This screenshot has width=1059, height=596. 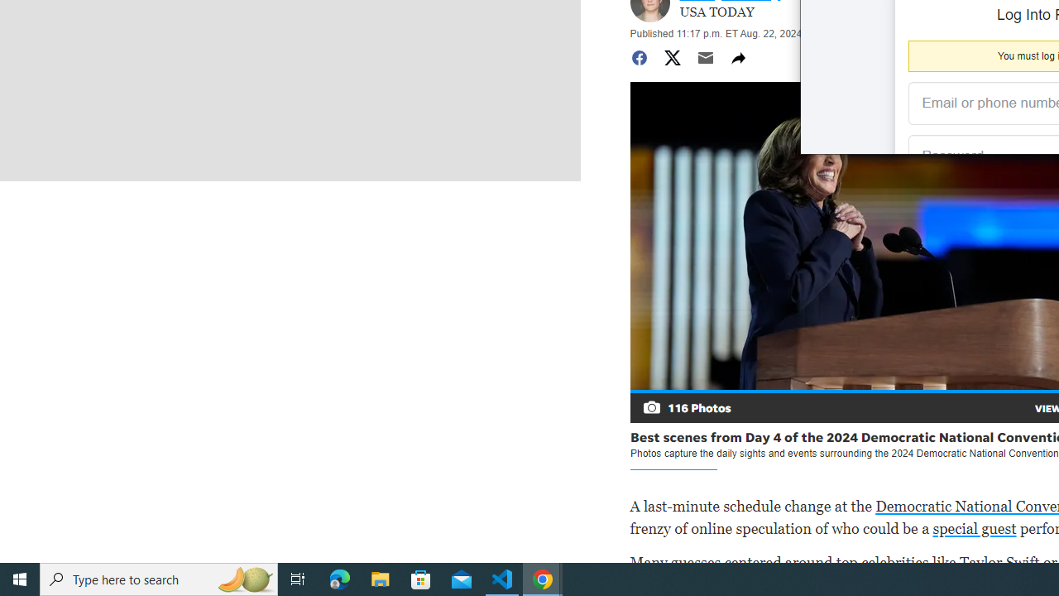 I want to click on 'Share to Facebook', so click(x=638, y=56).